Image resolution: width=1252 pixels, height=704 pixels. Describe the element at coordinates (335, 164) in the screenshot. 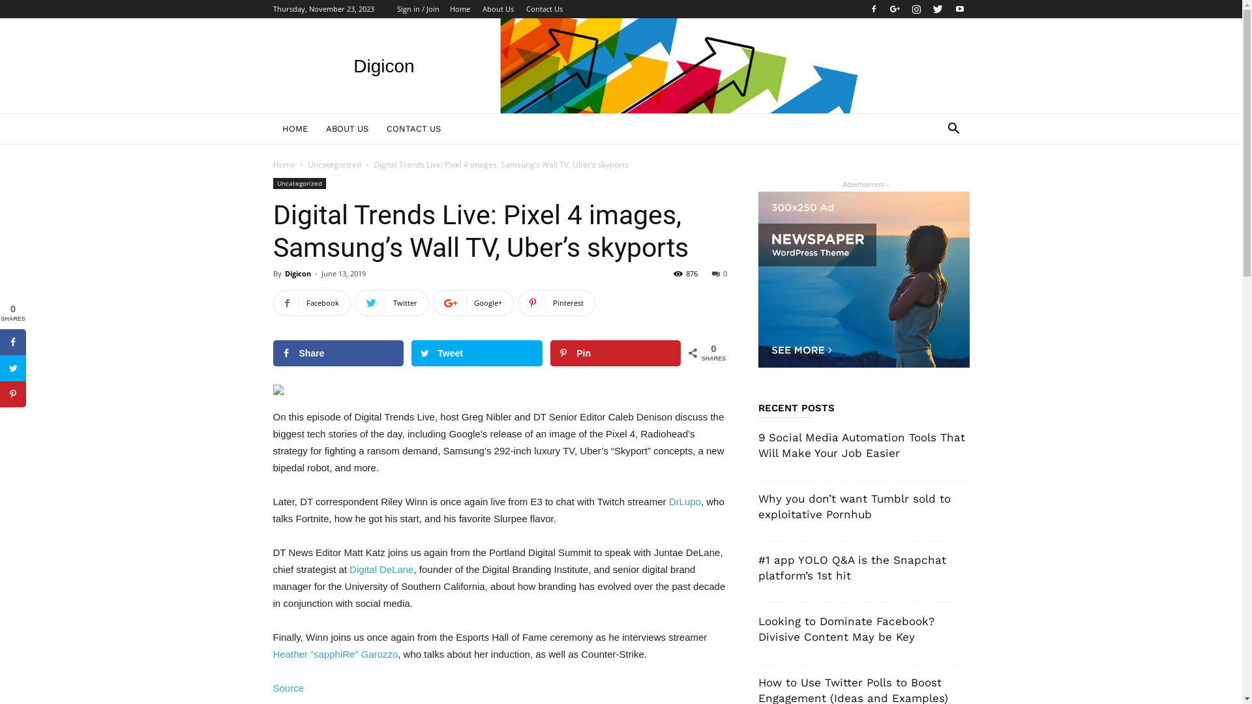

I see `'Uncategorized'` at that location.